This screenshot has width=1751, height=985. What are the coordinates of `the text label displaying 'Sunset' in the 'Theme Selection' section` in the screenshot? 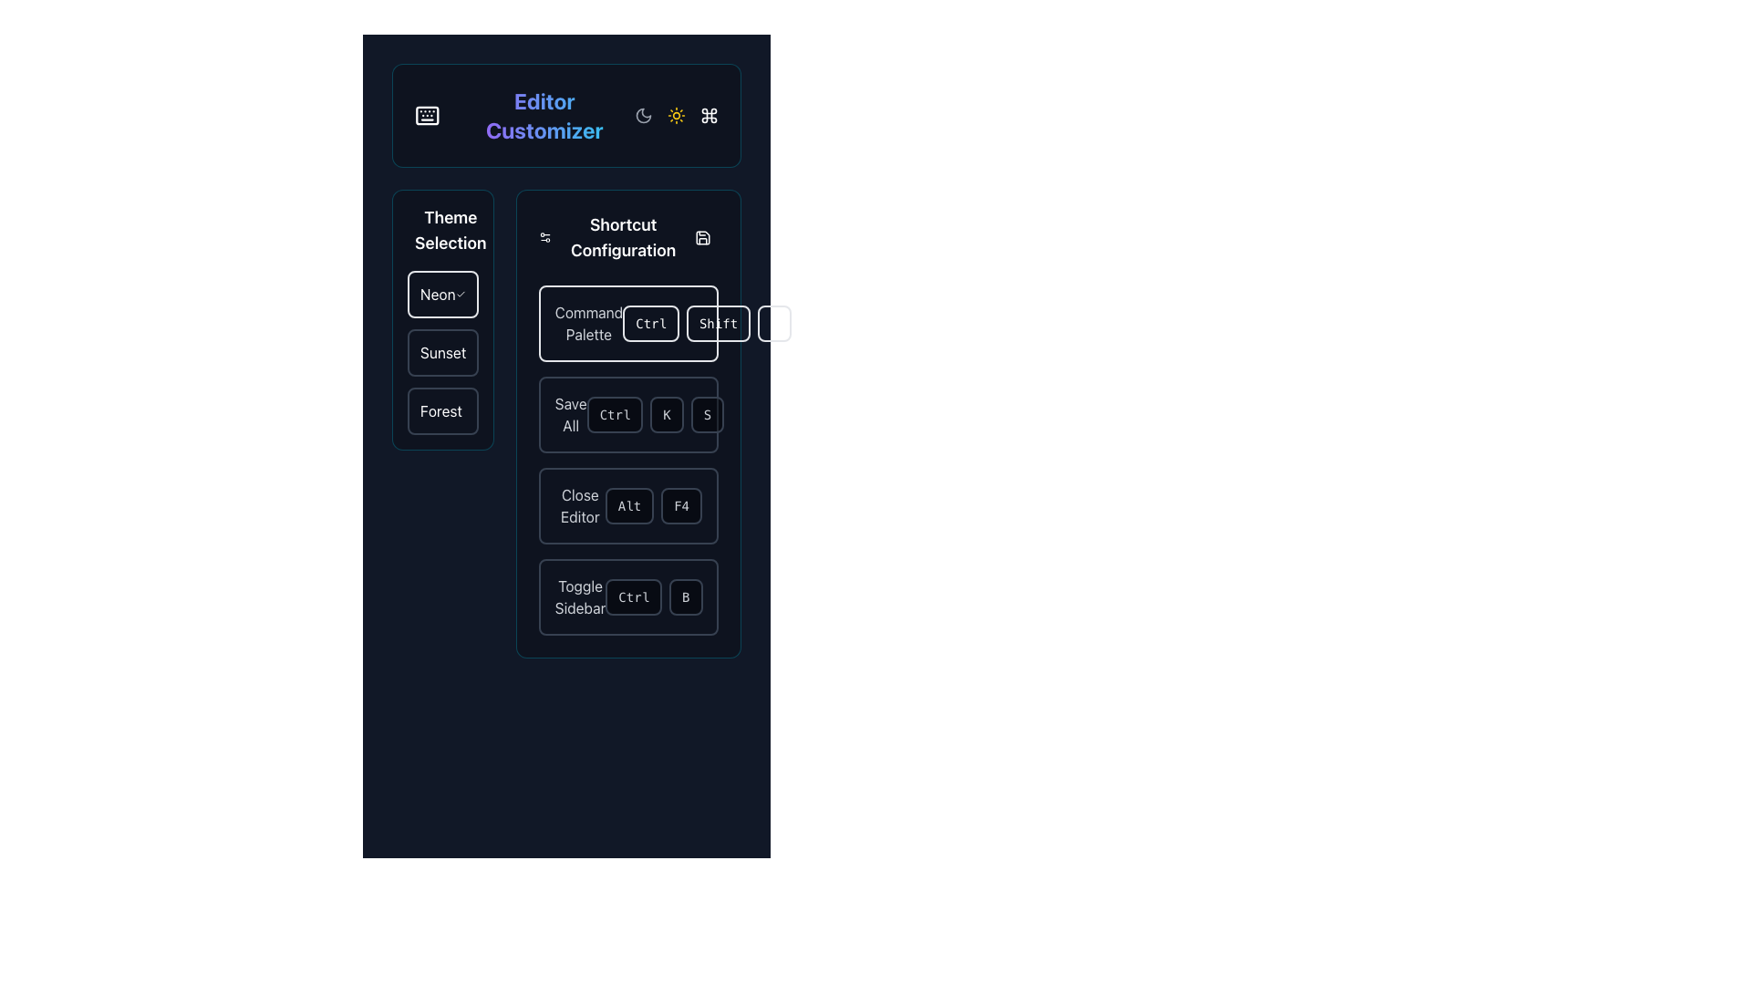 It's located at (443, 352).